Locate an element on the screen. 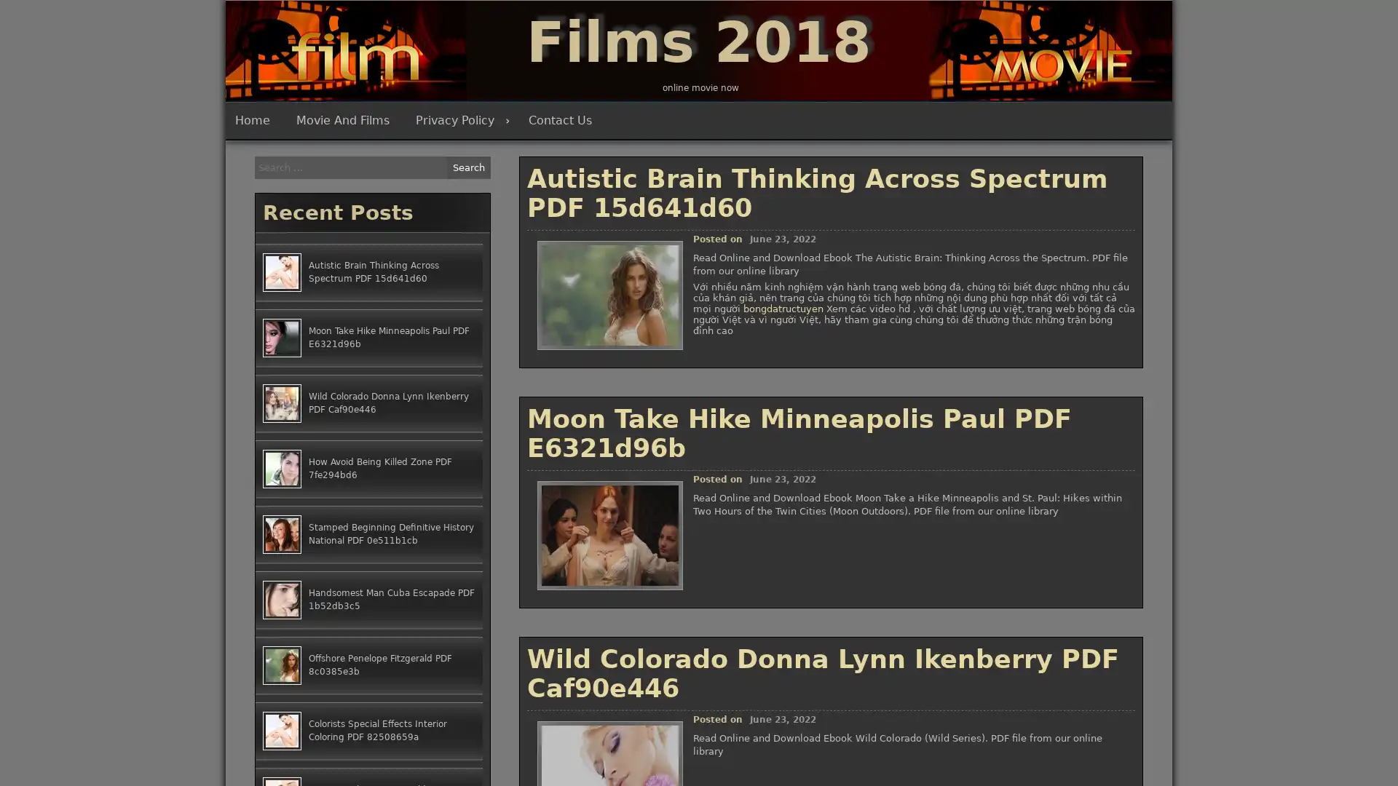  Search is located at coordinates (468, 167).